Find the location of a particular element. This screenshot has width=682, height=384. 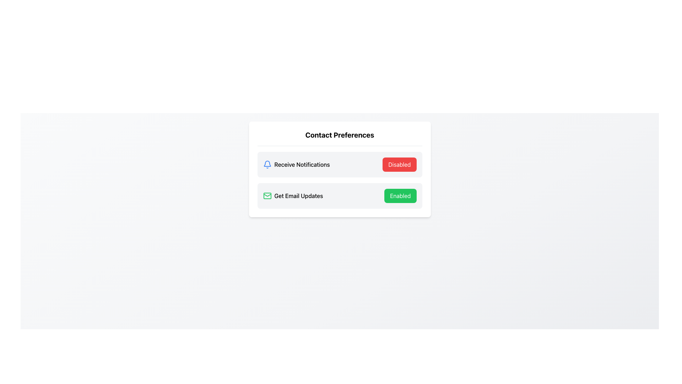

the text label that describes the user preference option for opting into email updates, located in the 'Contact Preferences' section, next to the green mail icon and the green button labeled 'Enabled' is located at coordinates (298, 196).